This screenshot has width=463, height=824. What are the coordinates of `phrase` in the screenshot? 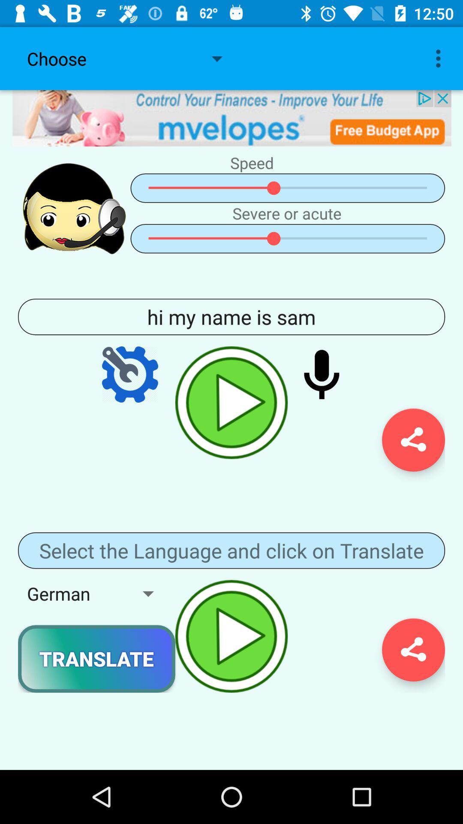 It's located at (231, 402).